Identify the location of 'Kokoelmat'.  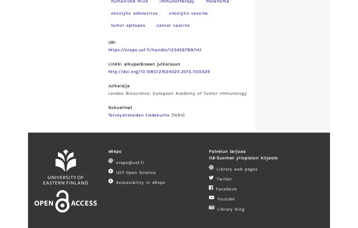
(120, 107).